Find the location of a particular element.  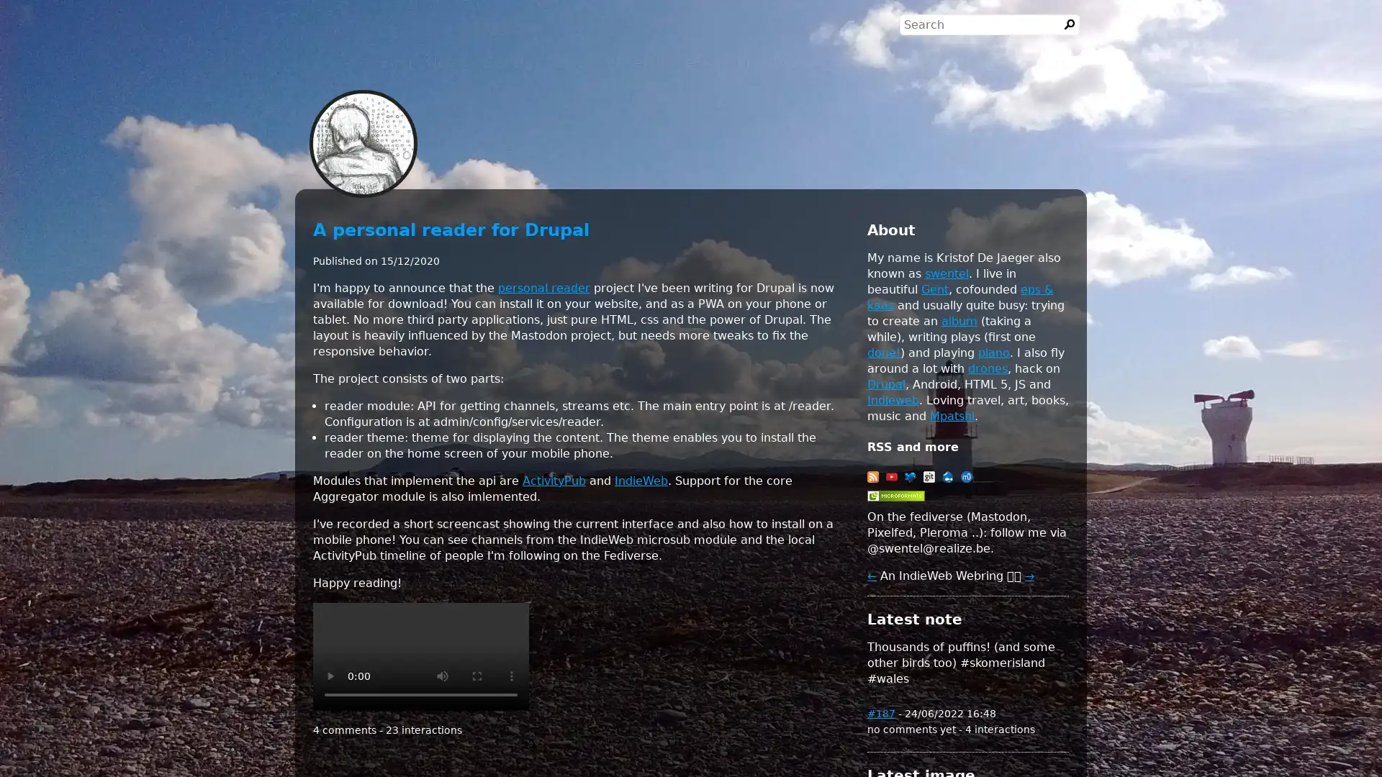

mute is located at coordinates (441, 675).